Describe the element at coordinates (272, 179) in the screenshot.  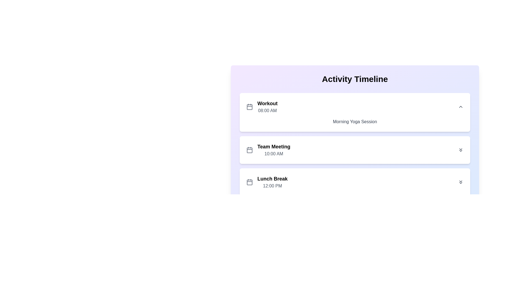
I see `the static text label that reads 'Lunch Break', which serves as a header in the layout, distinguished by its bold and large font style` at that location.